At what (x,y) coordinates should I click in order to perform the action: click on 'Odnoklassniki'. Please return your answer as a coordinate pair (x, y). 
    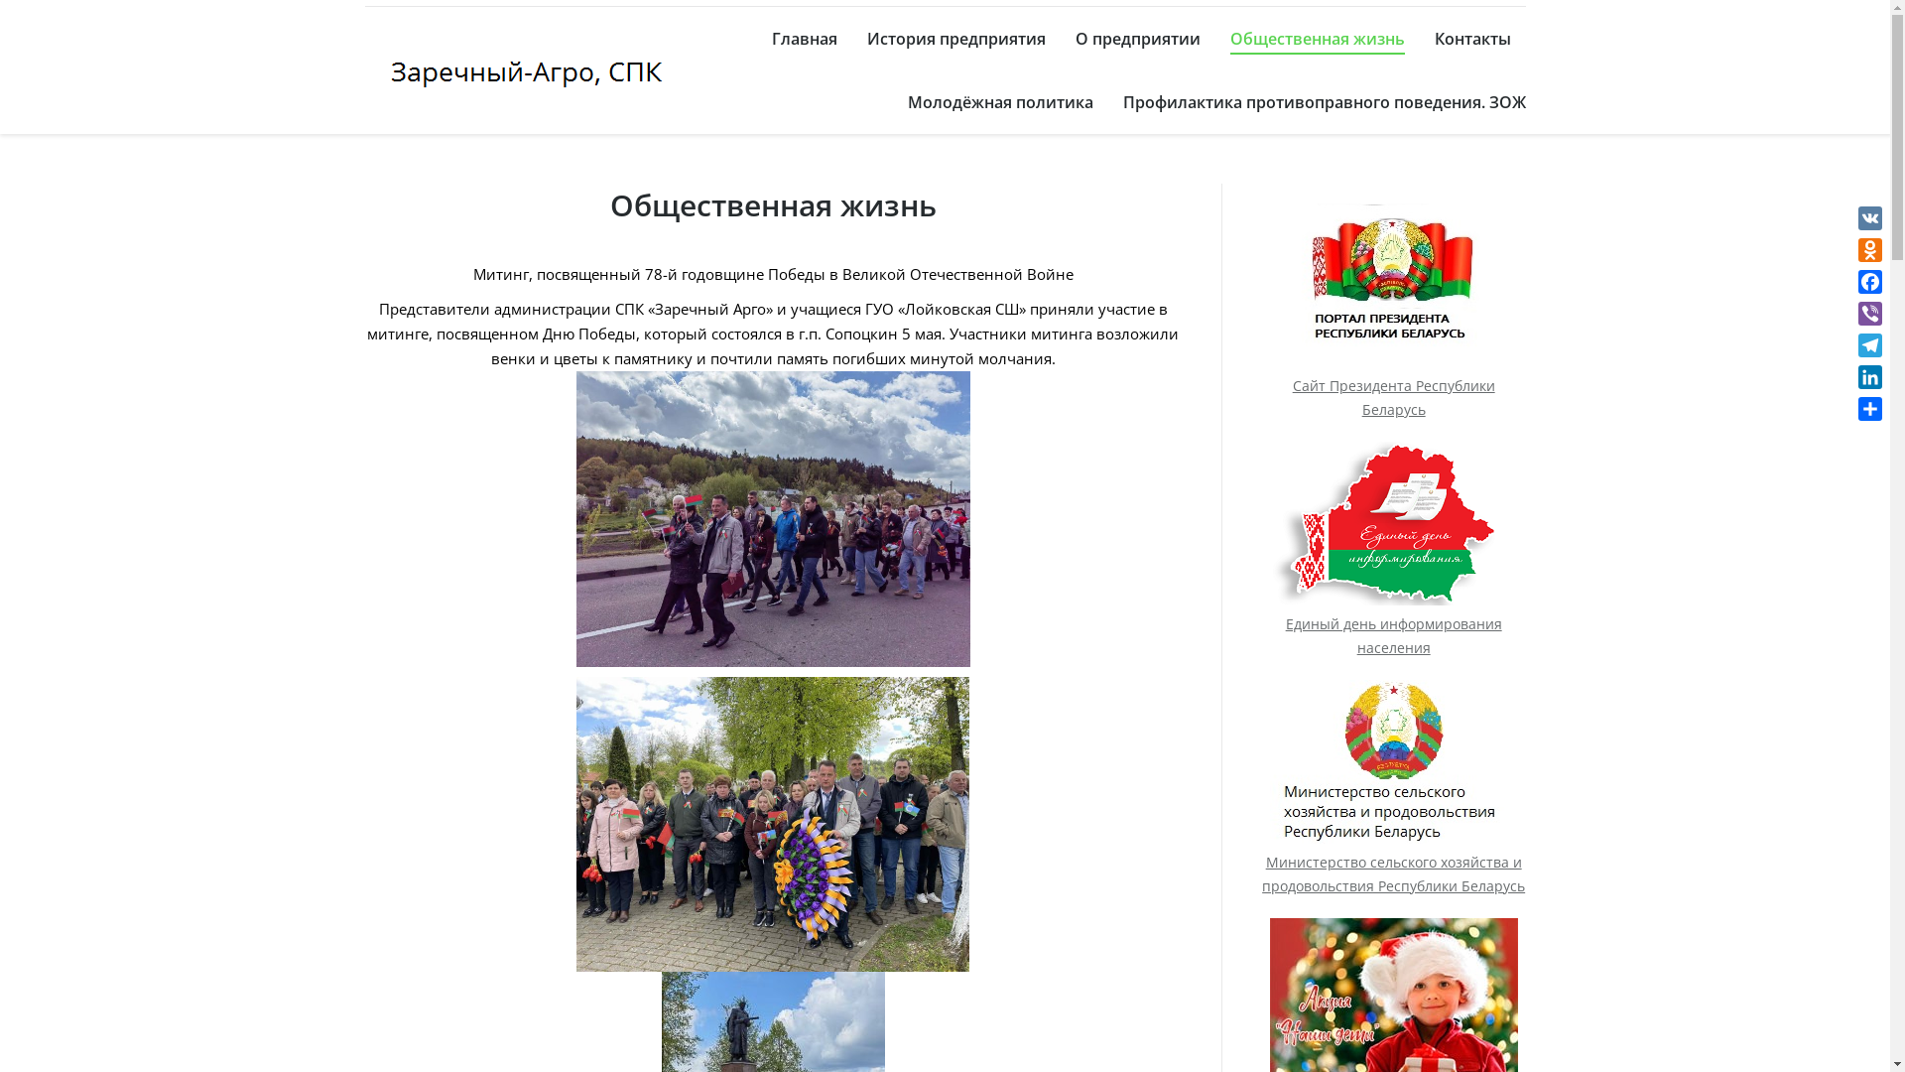
    Looking at the image, I should click on (1869, 248).